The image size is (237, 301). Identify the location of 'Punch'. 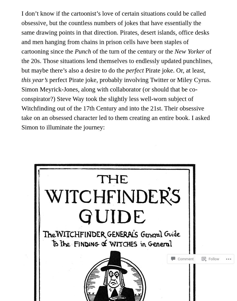
(74, 51).